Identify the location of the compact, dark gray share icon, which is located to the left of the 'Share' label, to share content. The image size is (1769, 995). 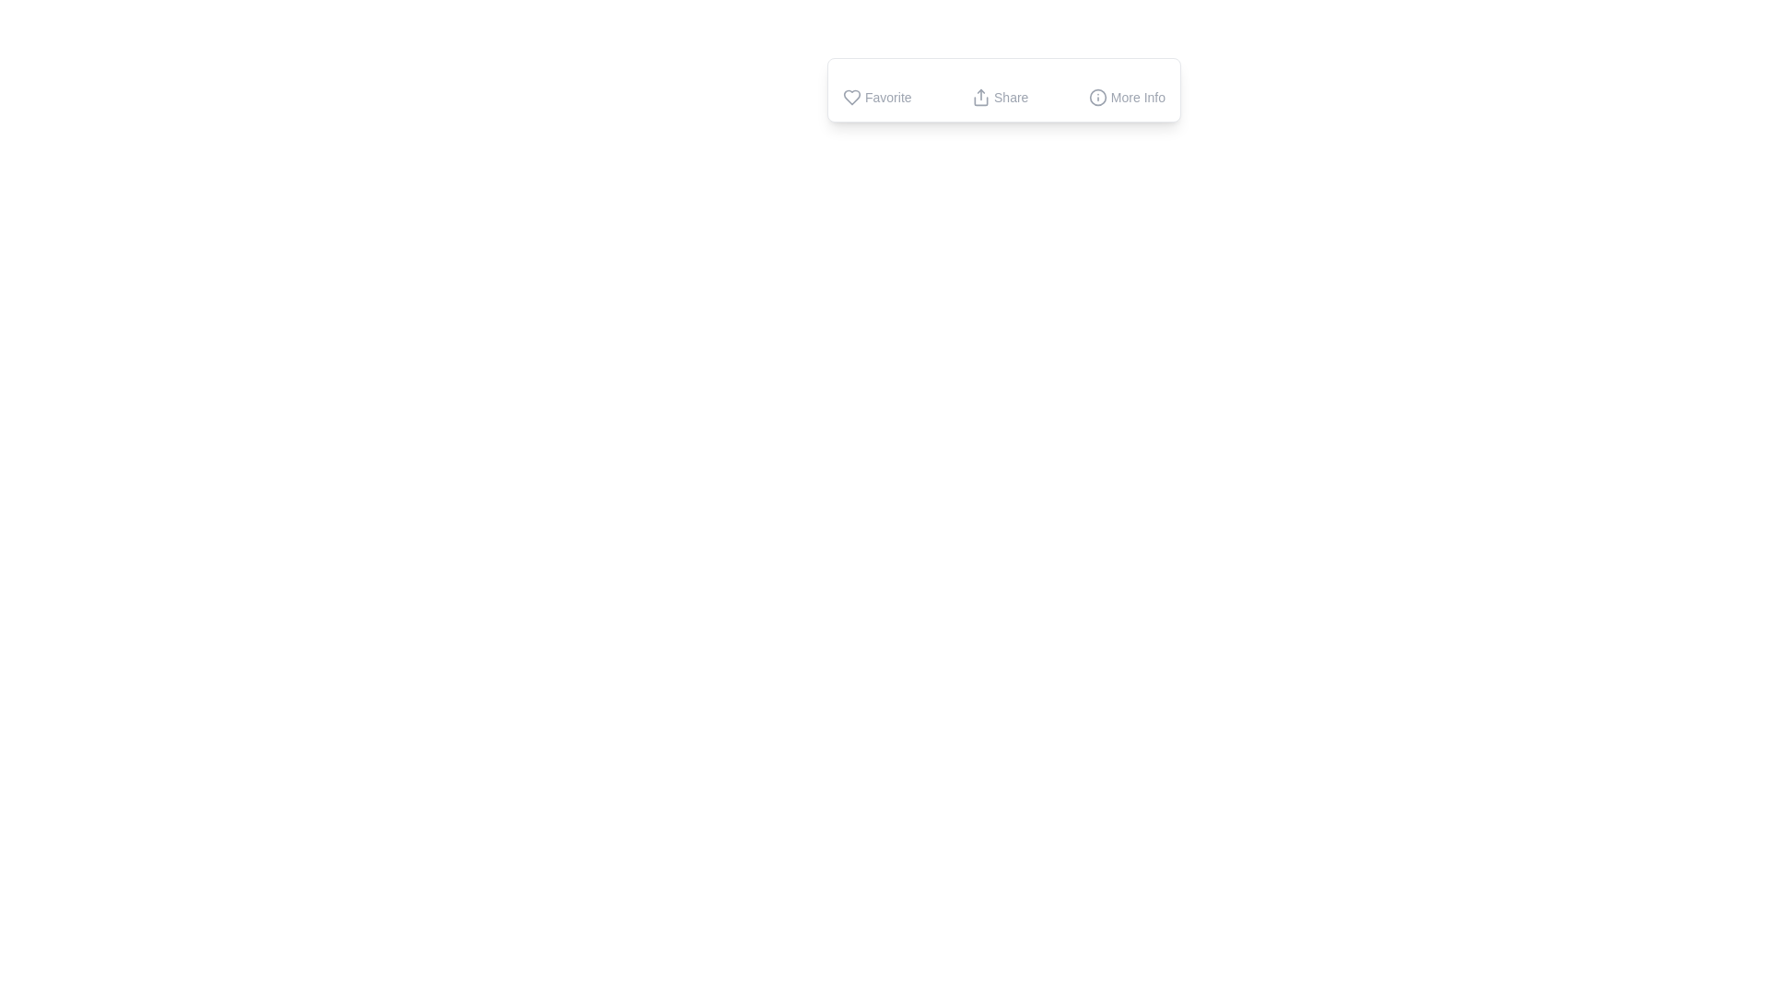
(980, 97).